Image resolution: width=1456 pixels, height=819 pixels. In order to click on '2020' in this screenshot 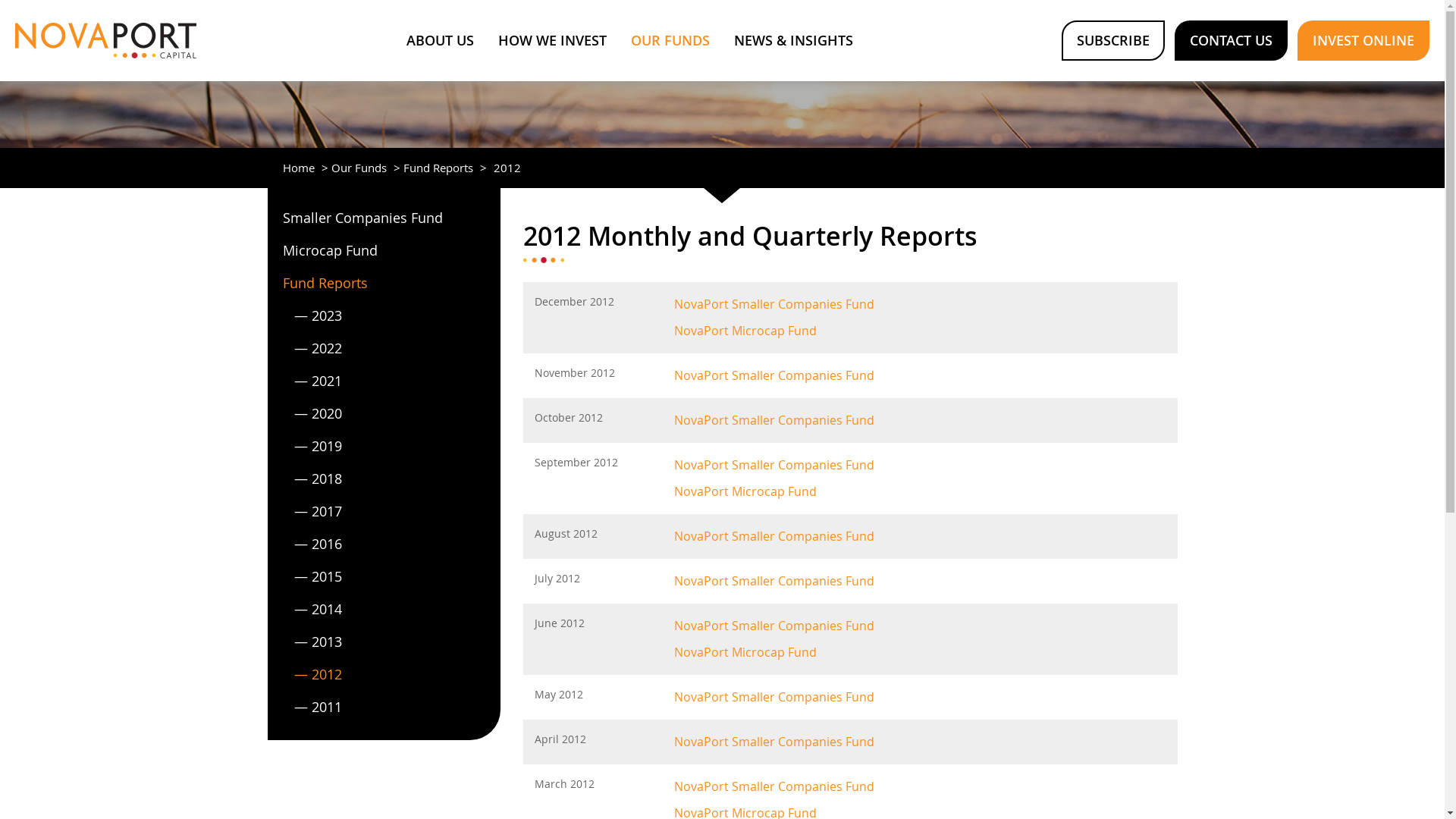, I will do `click(383, 406)`.